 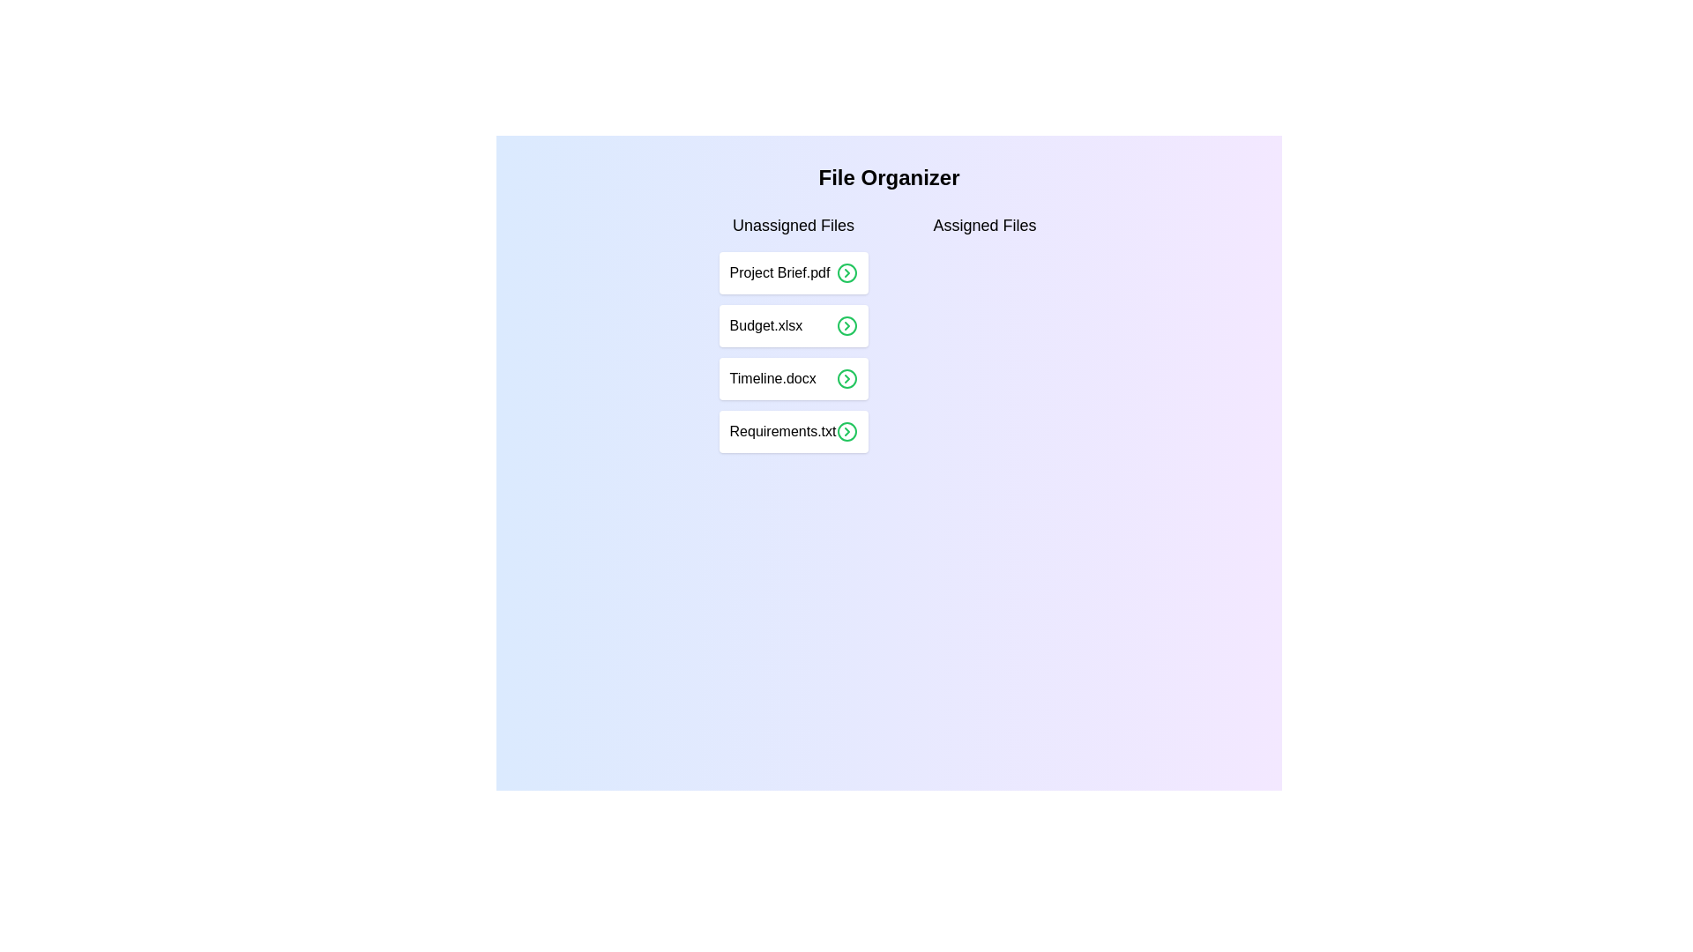 I want to click on the right arrow icon corresponding to the file Timeline.docx in the 'Unassigned Files' list to assign it to the 'Assigned Files' list, so click(x=846, y=377).